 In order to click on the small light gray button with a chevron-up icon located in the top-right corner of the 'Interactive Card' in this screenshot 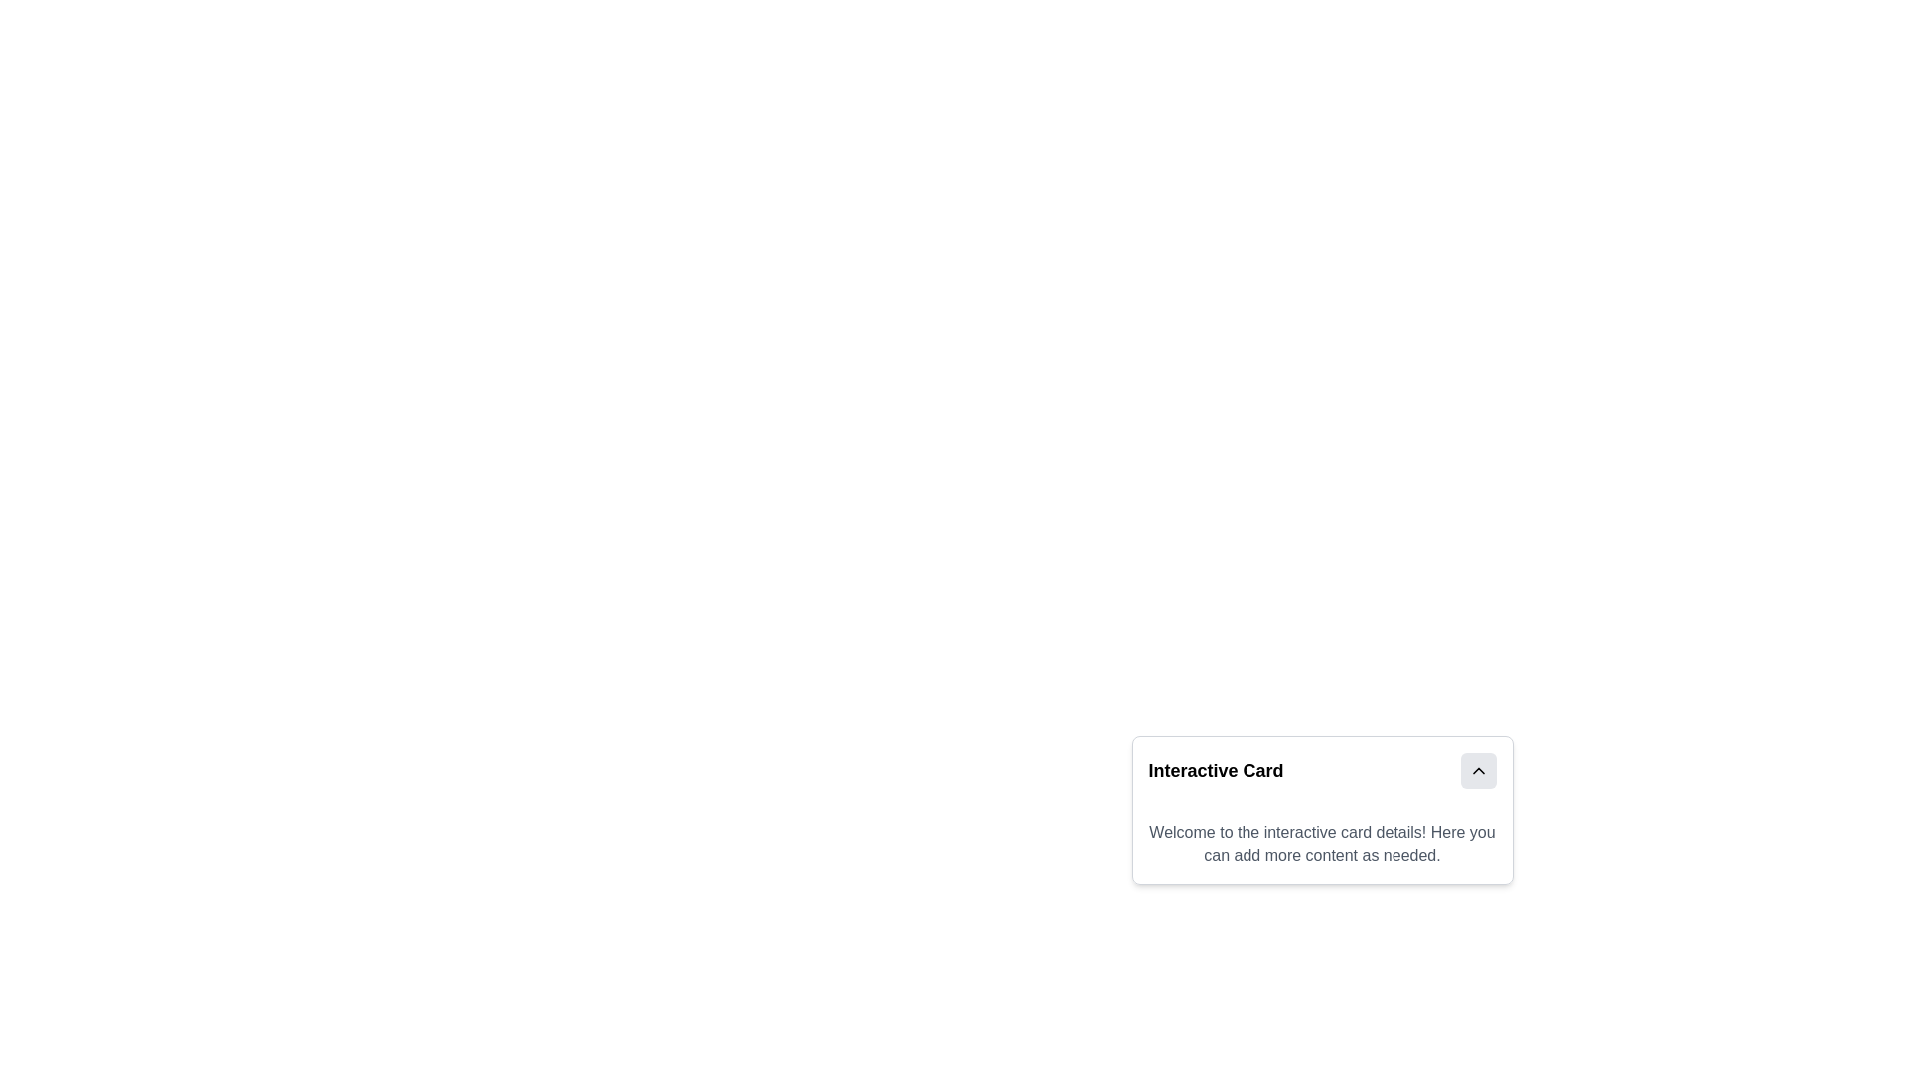, I will do `click(1478, 769)`.